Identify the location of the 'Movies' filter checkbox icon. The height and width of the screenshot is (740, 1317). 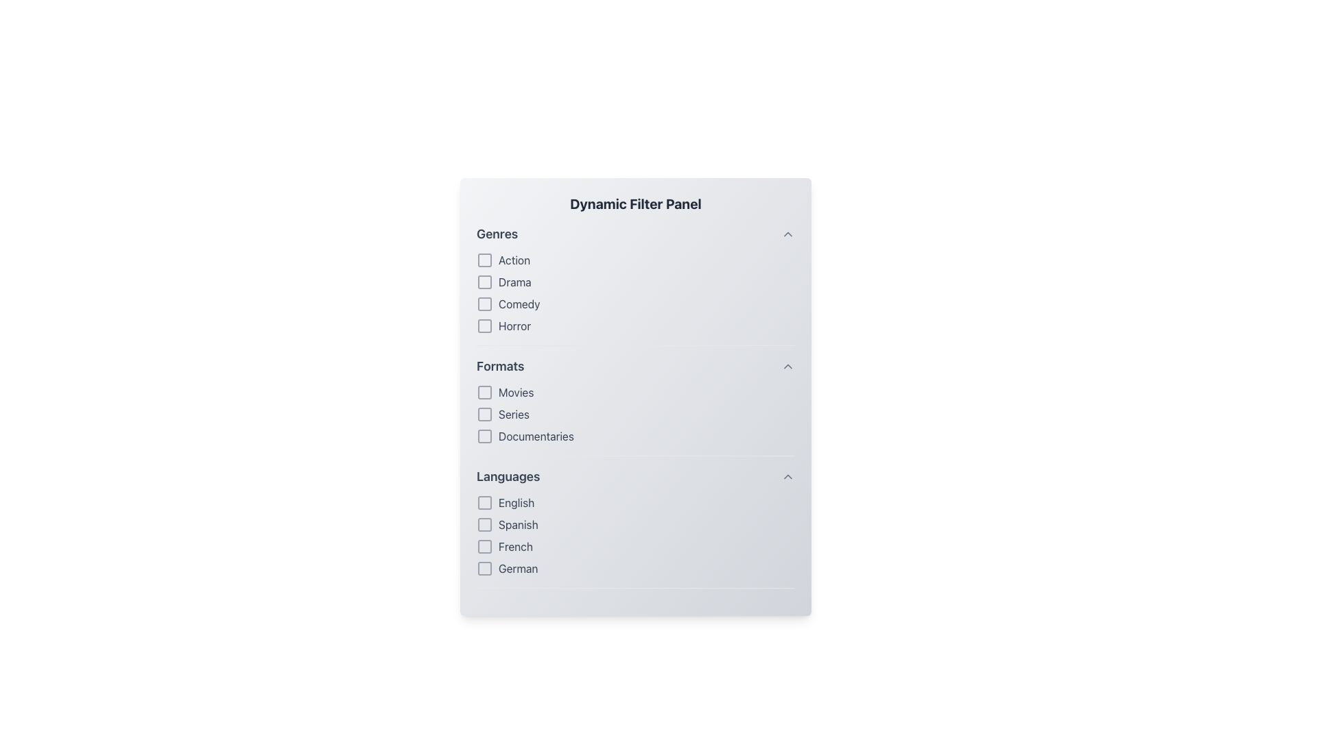
(484, 393).